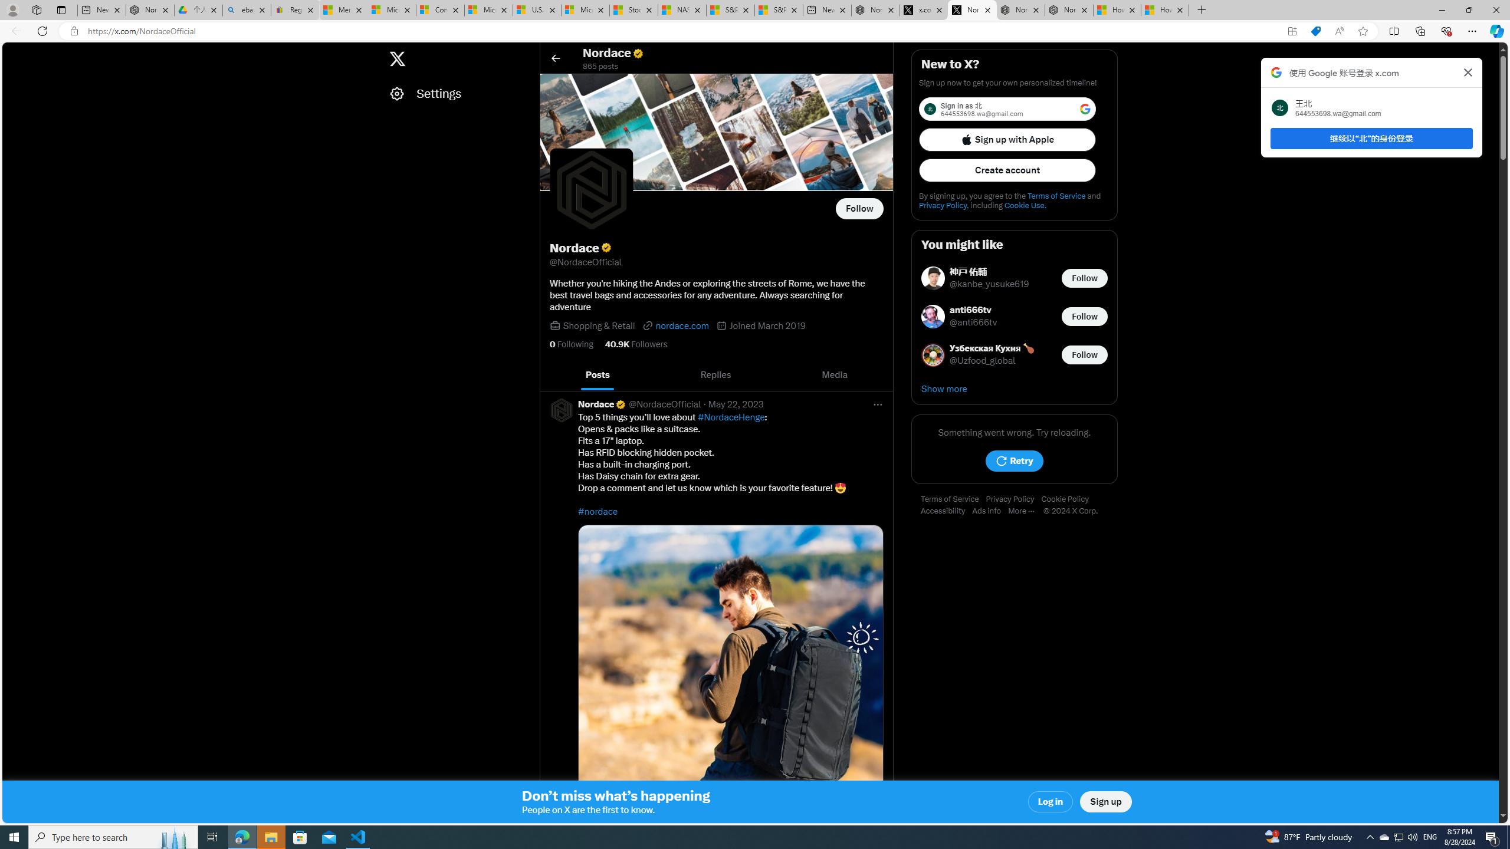 Image resolution: width=1510 pixels, height=849 pixels. Describe the element at coordinates (973, 310) in the screenshot. I see `'anti666tv'` at that location.